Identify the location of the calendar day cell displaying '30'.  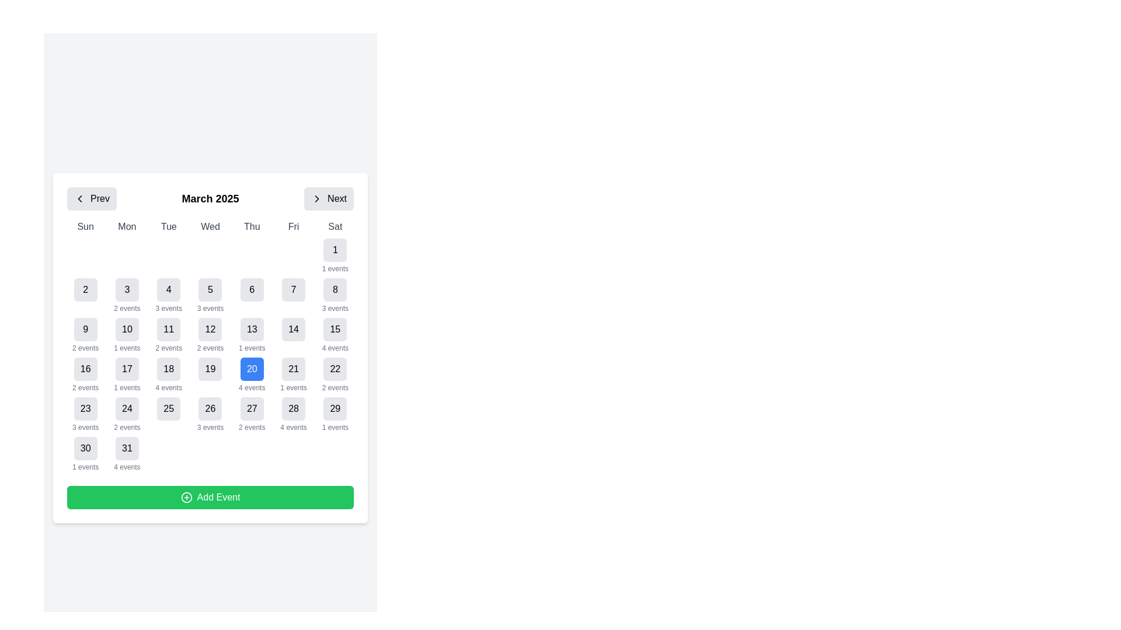
(85, 454).